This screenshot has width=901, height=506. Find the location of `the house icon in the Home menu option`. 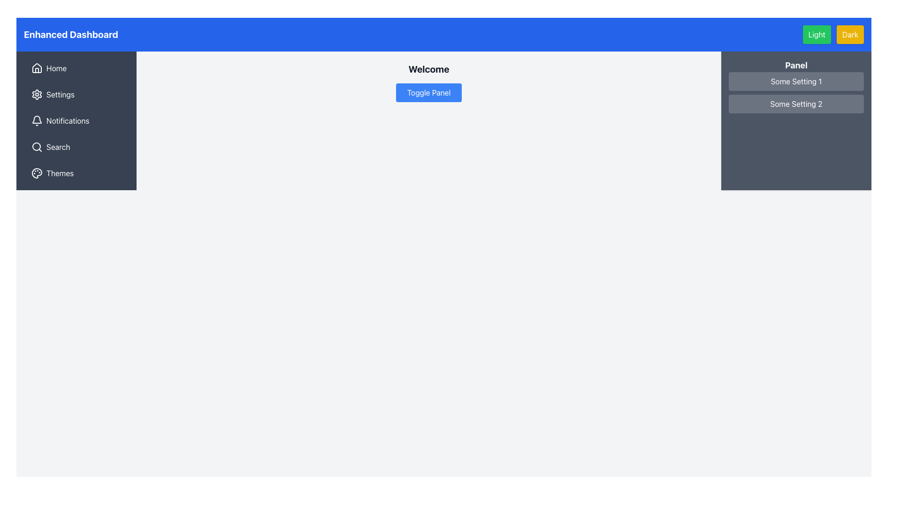

the house icon in the Home menu option is located at coordinates (37, 68).